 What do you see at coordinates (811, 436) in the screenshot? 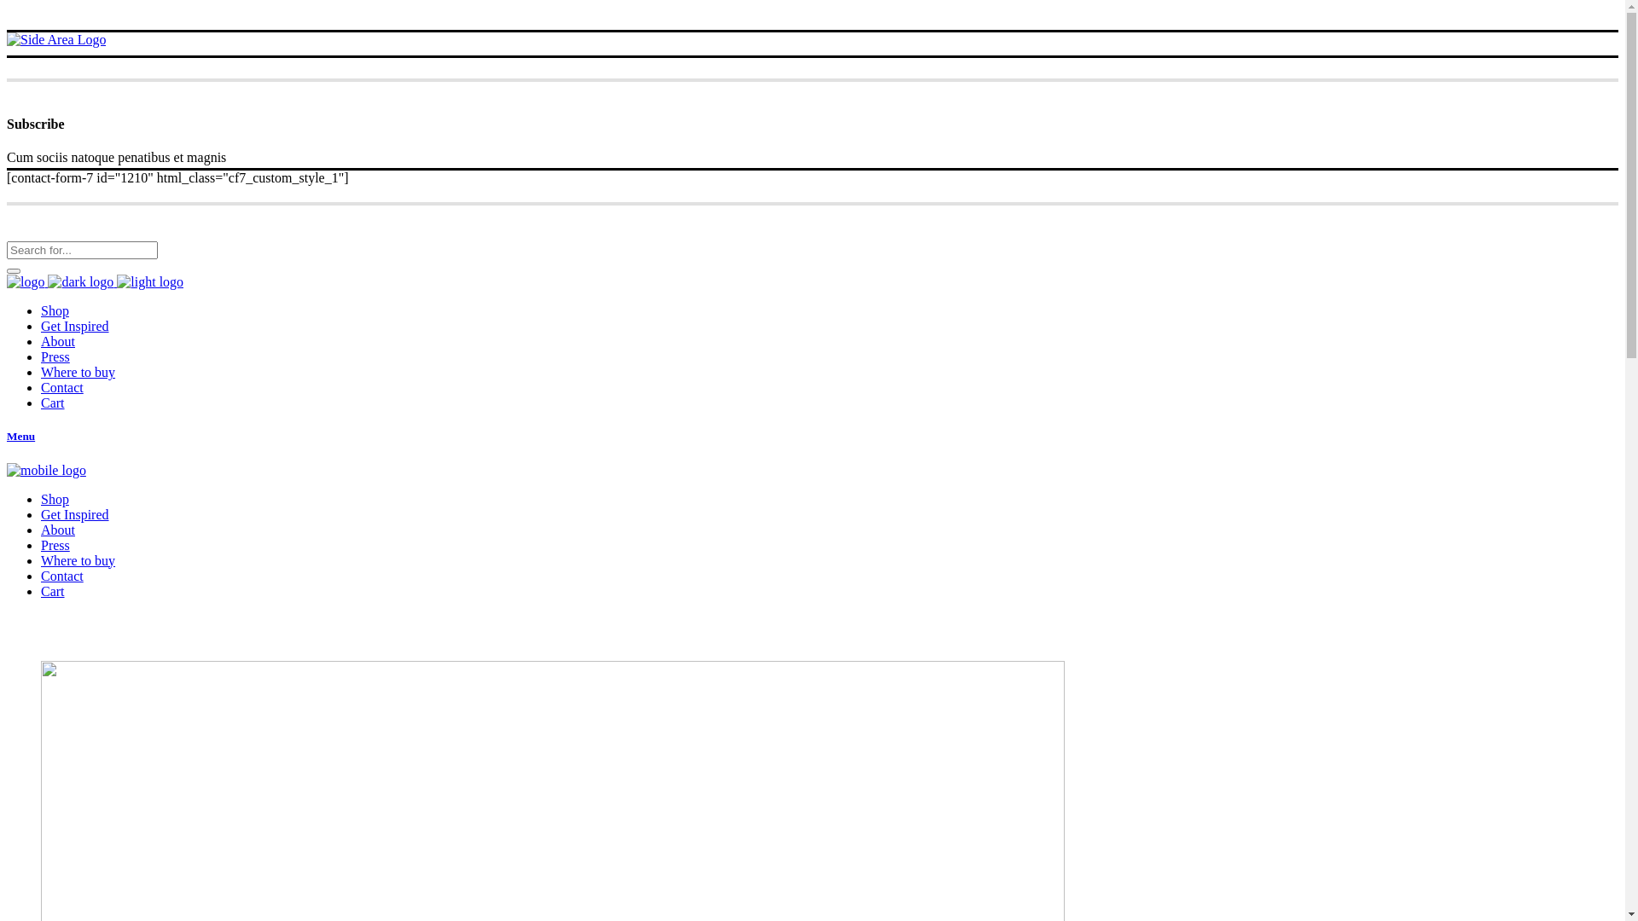
I see `'Menu'` at bounding box center [811, 436].